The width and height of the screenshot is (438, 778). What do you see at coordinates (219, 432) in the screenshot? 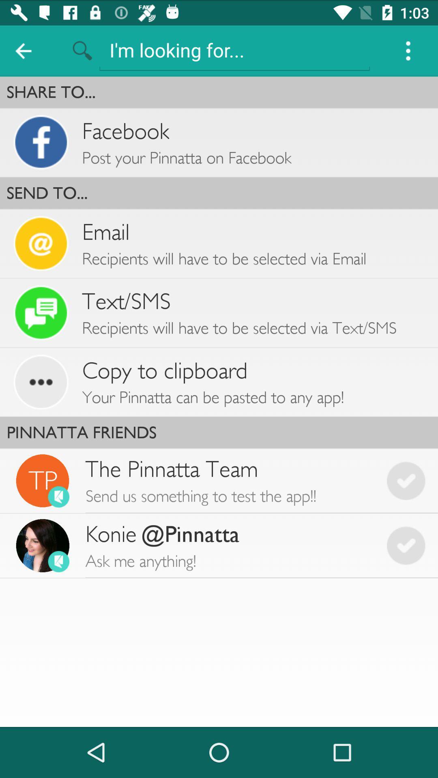
I see `the icon above the pinnatta team` at bounding box center [219, 432].